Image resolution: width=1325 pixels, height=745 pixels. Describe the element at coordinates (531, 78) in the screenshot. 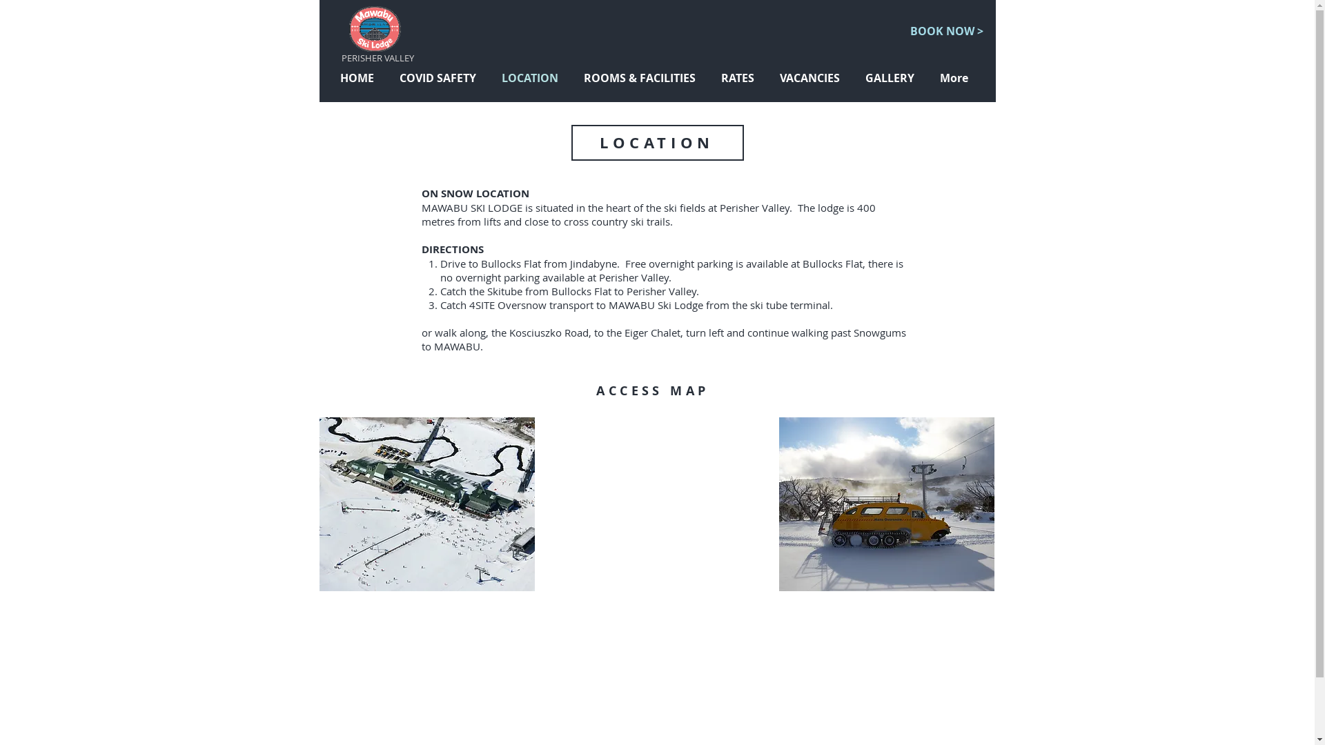

I see `'LOCATION'` at that location.